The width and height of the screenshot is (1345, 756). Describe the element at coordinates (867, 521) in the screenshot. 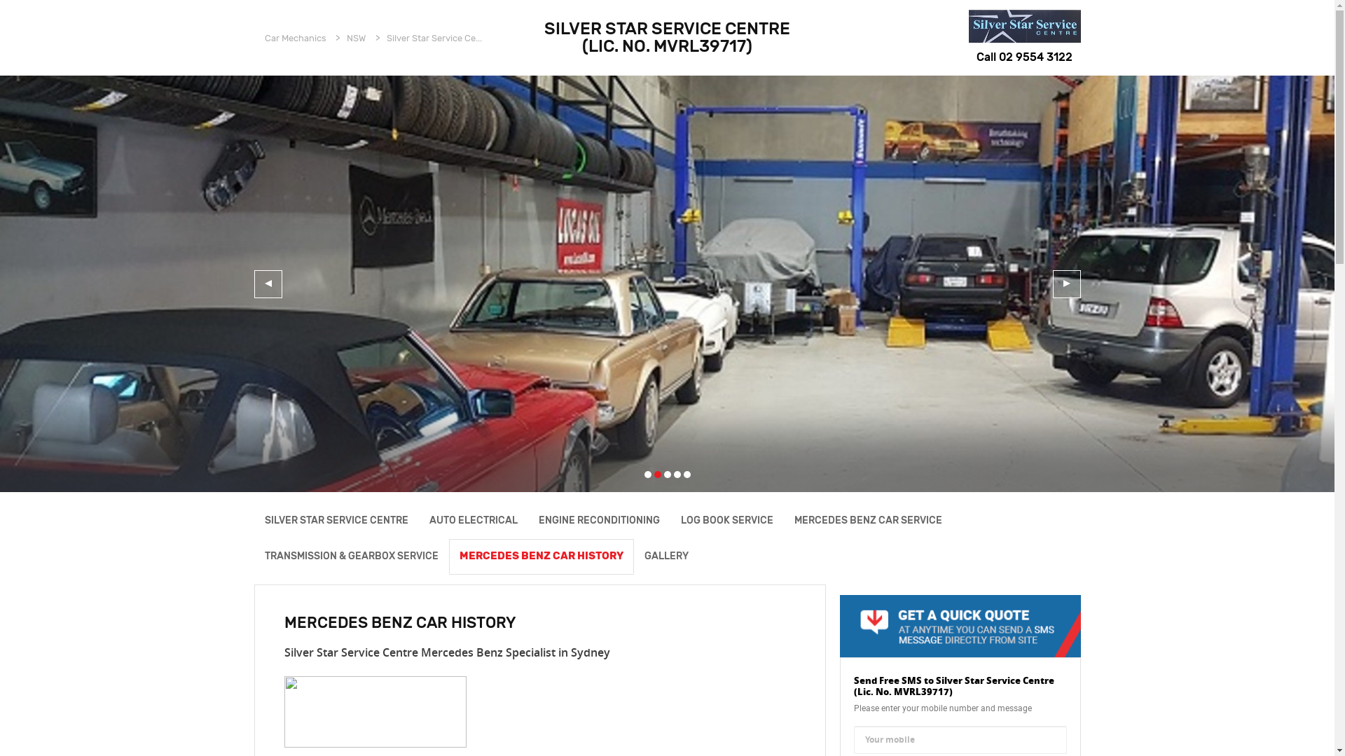

I see `'MERCEDES BENZ CAR SERVICE'` at that location.